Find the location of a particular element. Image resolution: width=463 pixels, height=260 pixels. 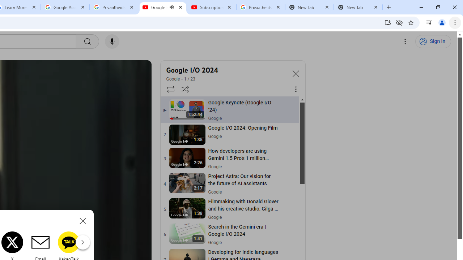

'Google I/O 2024' is located at coordinates (226, 70).